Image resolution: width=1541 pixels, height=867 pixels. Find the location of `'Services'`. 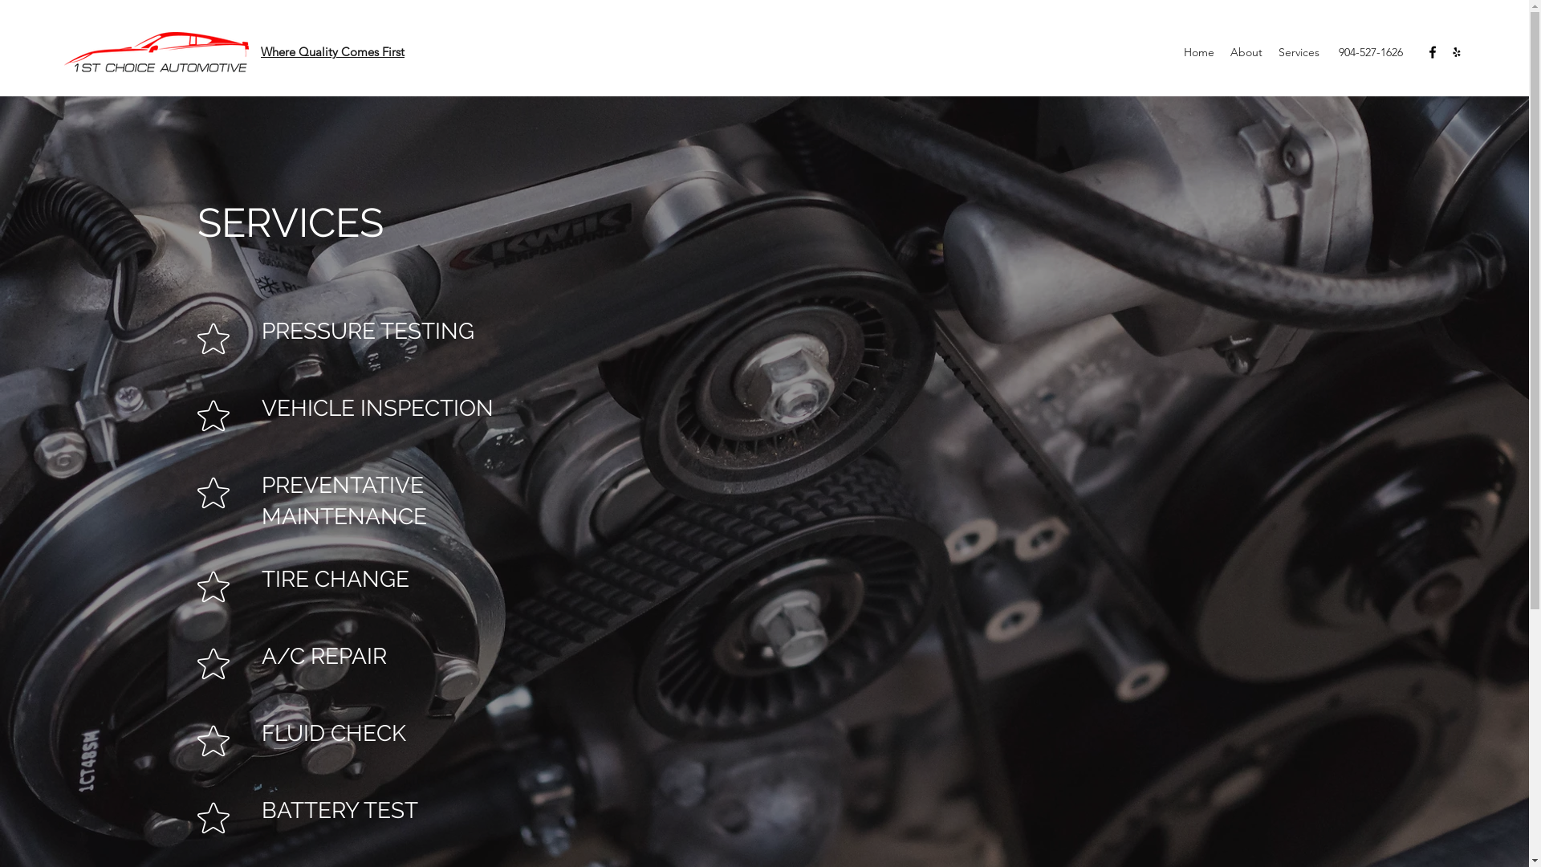

'Services' is located at coordinates (1270, 51).